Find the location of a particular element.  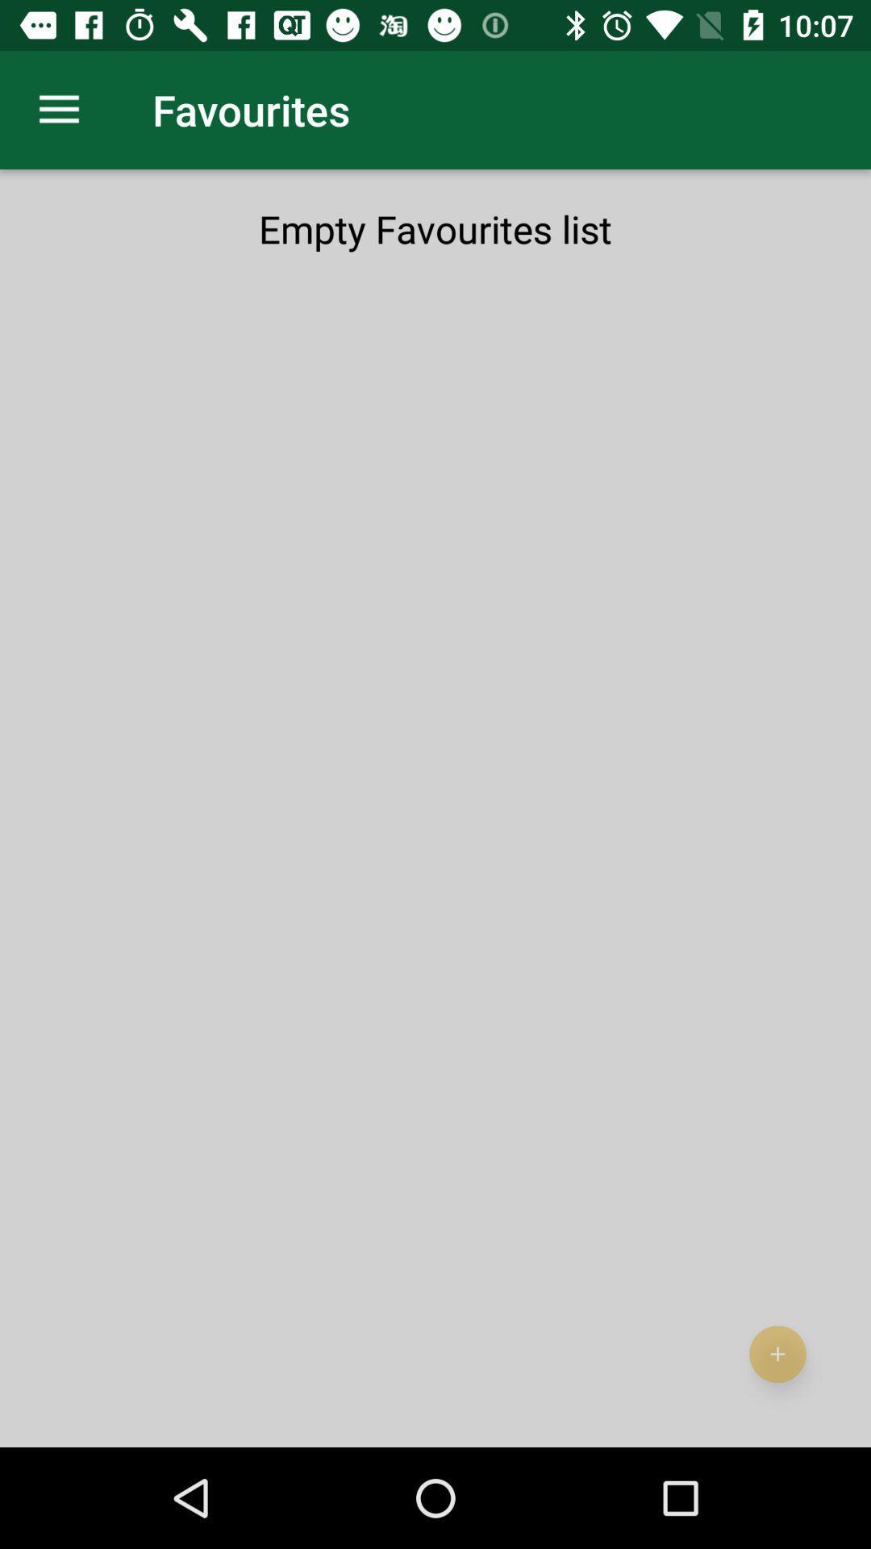

the empty favourites list at the top is located at coordinates (435, 228).